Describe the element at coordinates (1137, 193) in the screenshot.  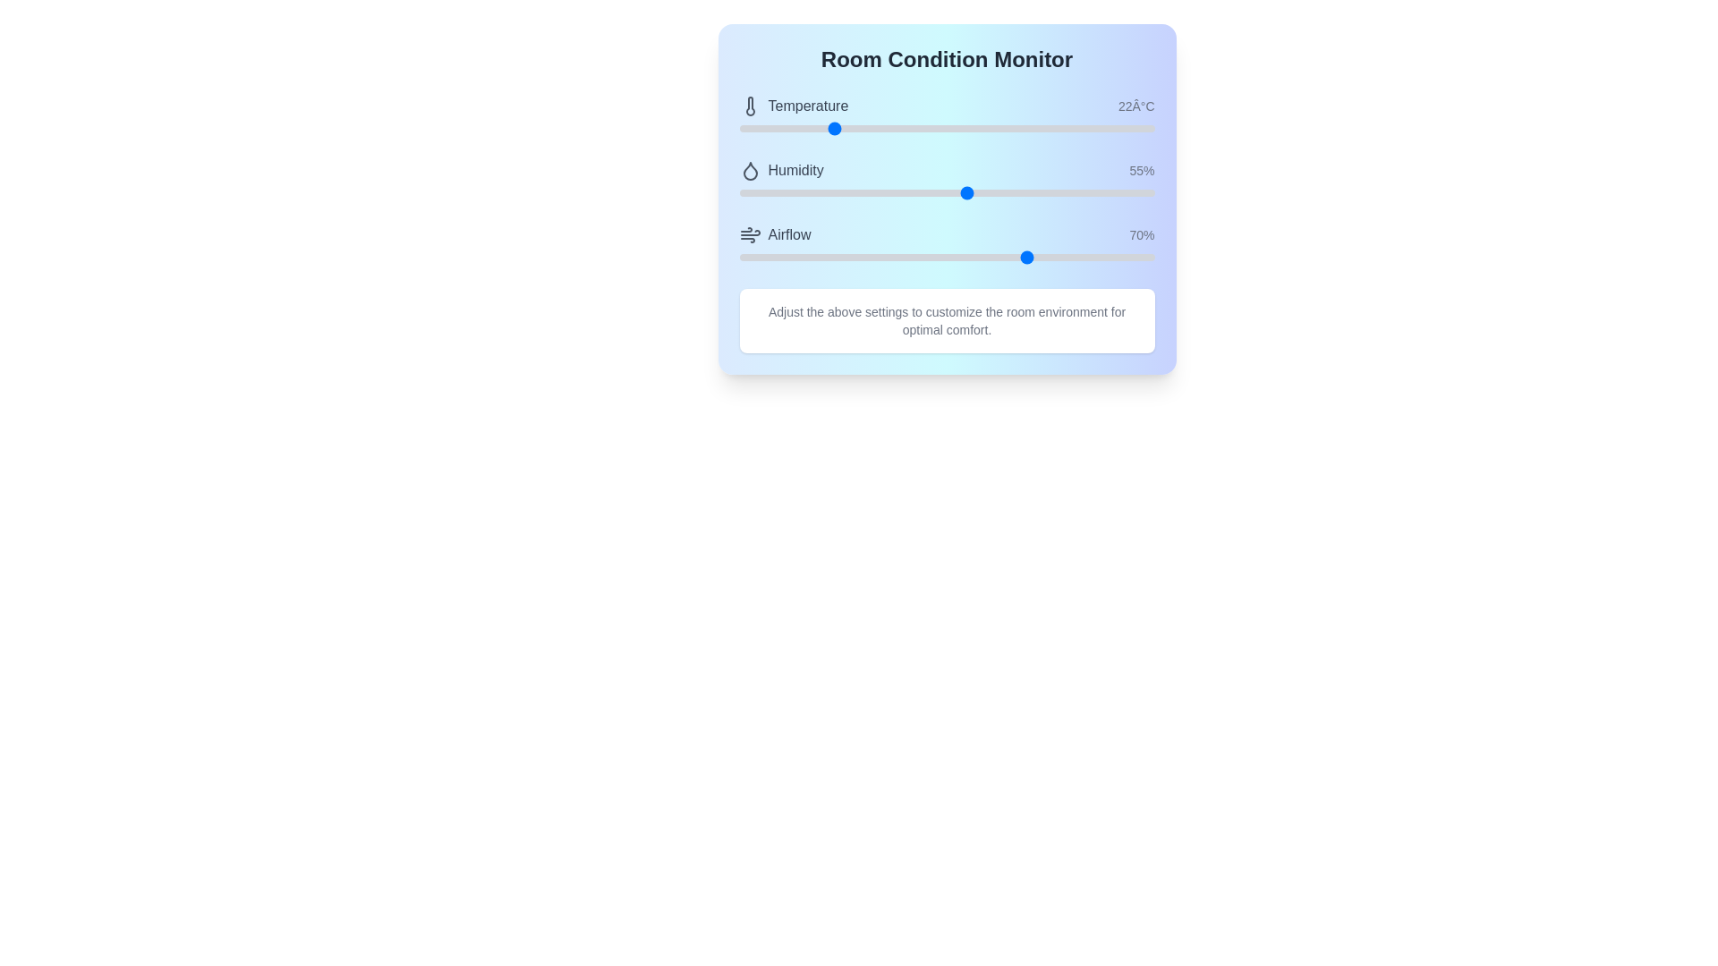
I see `the humidity level` at that location.